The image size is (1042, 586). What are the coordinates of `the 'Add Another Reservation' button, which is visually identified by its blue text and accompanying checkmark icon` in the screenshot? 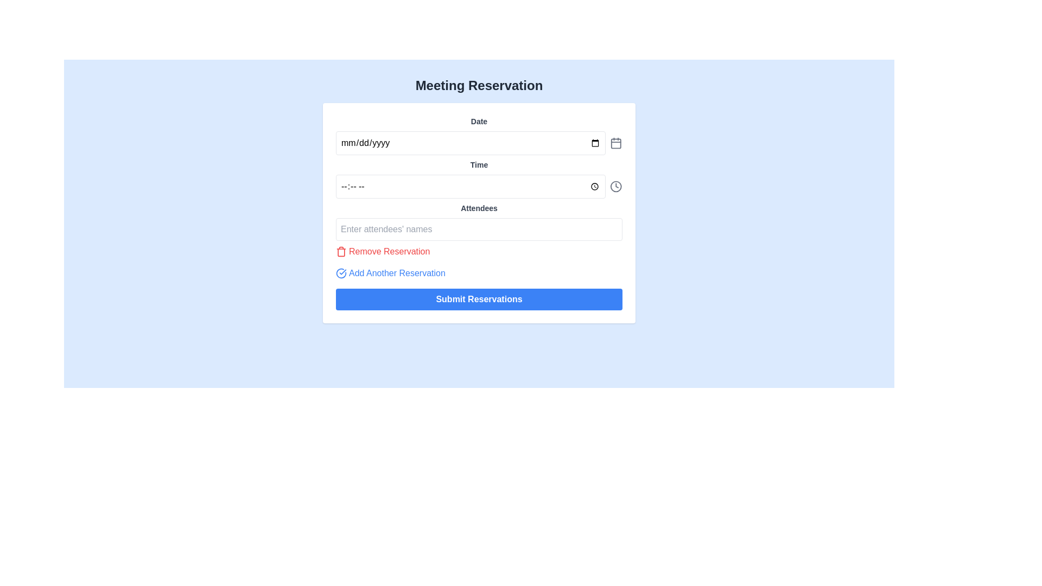 It's located at (391, 273).